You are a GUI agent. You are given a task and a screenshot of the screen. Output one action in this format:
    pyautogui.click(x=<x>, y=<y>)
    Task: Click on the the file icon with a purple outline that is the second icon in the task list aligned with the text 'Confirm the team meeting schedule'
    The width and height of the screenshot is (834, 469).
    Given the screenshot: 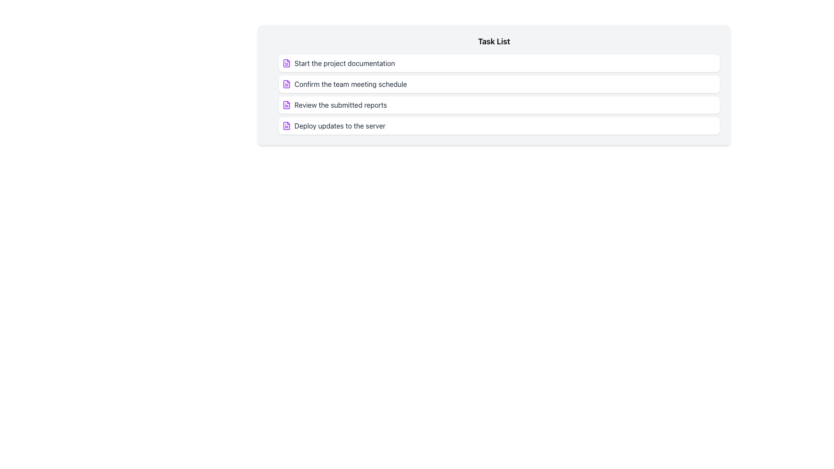 What is the action you would take?
    pyautogui.click(x=287, y=84)
    